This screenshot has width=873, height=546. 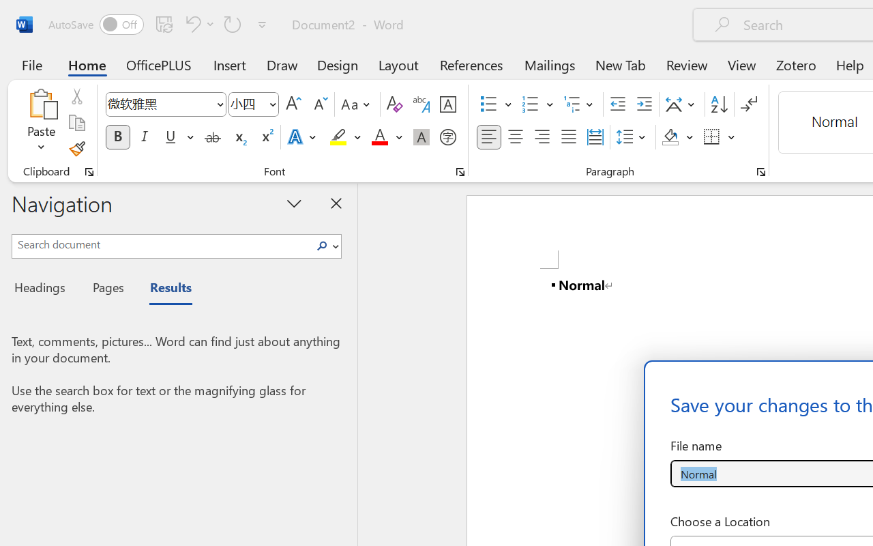 What do you see at coordinates (515, 137) in the screenshot?
I see `'Center'` at bounding box center [515, 137].